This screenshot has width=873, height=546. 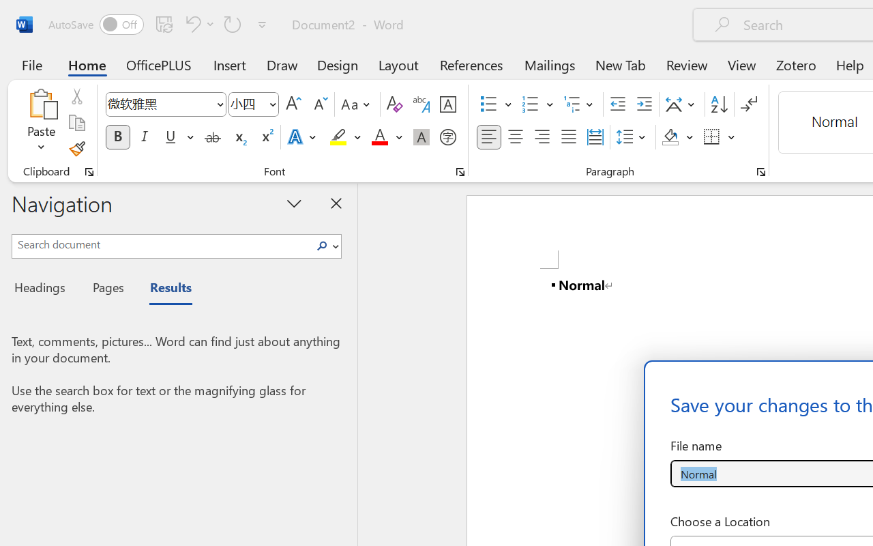 What do you see at coordinates (515, 137) in the screenshot?
I see `'Center'` at bounding box center [515, 137].